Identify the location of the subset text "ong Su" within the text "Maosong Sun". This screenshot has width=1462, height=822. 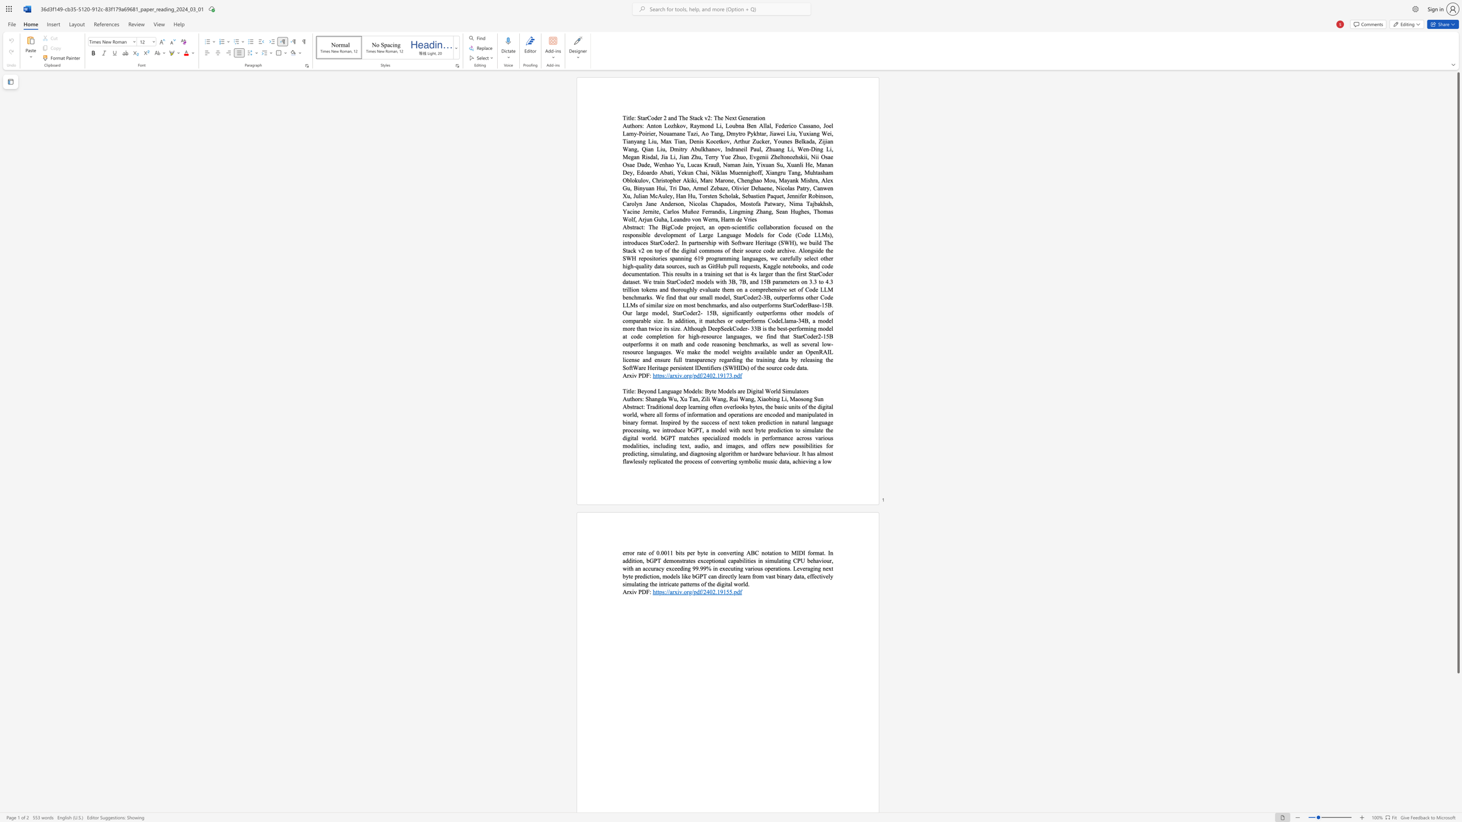
(803, 399).